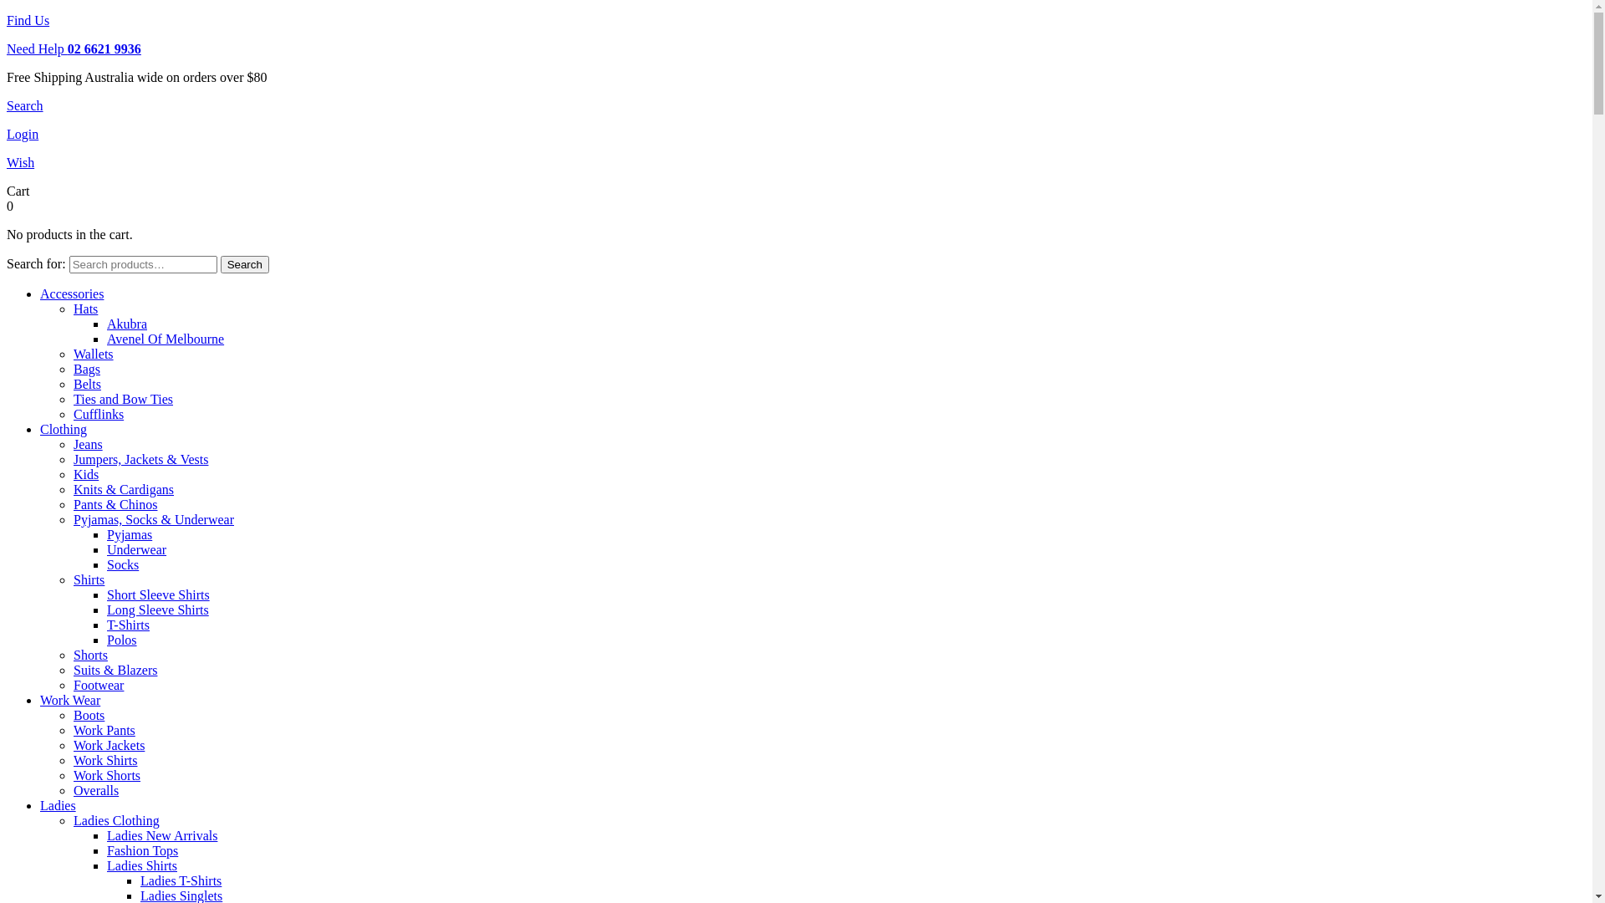  What do you see at coordinates (126, 324) in the screenshot?
I see `'Akubra'` at bounding box center [126, 324].